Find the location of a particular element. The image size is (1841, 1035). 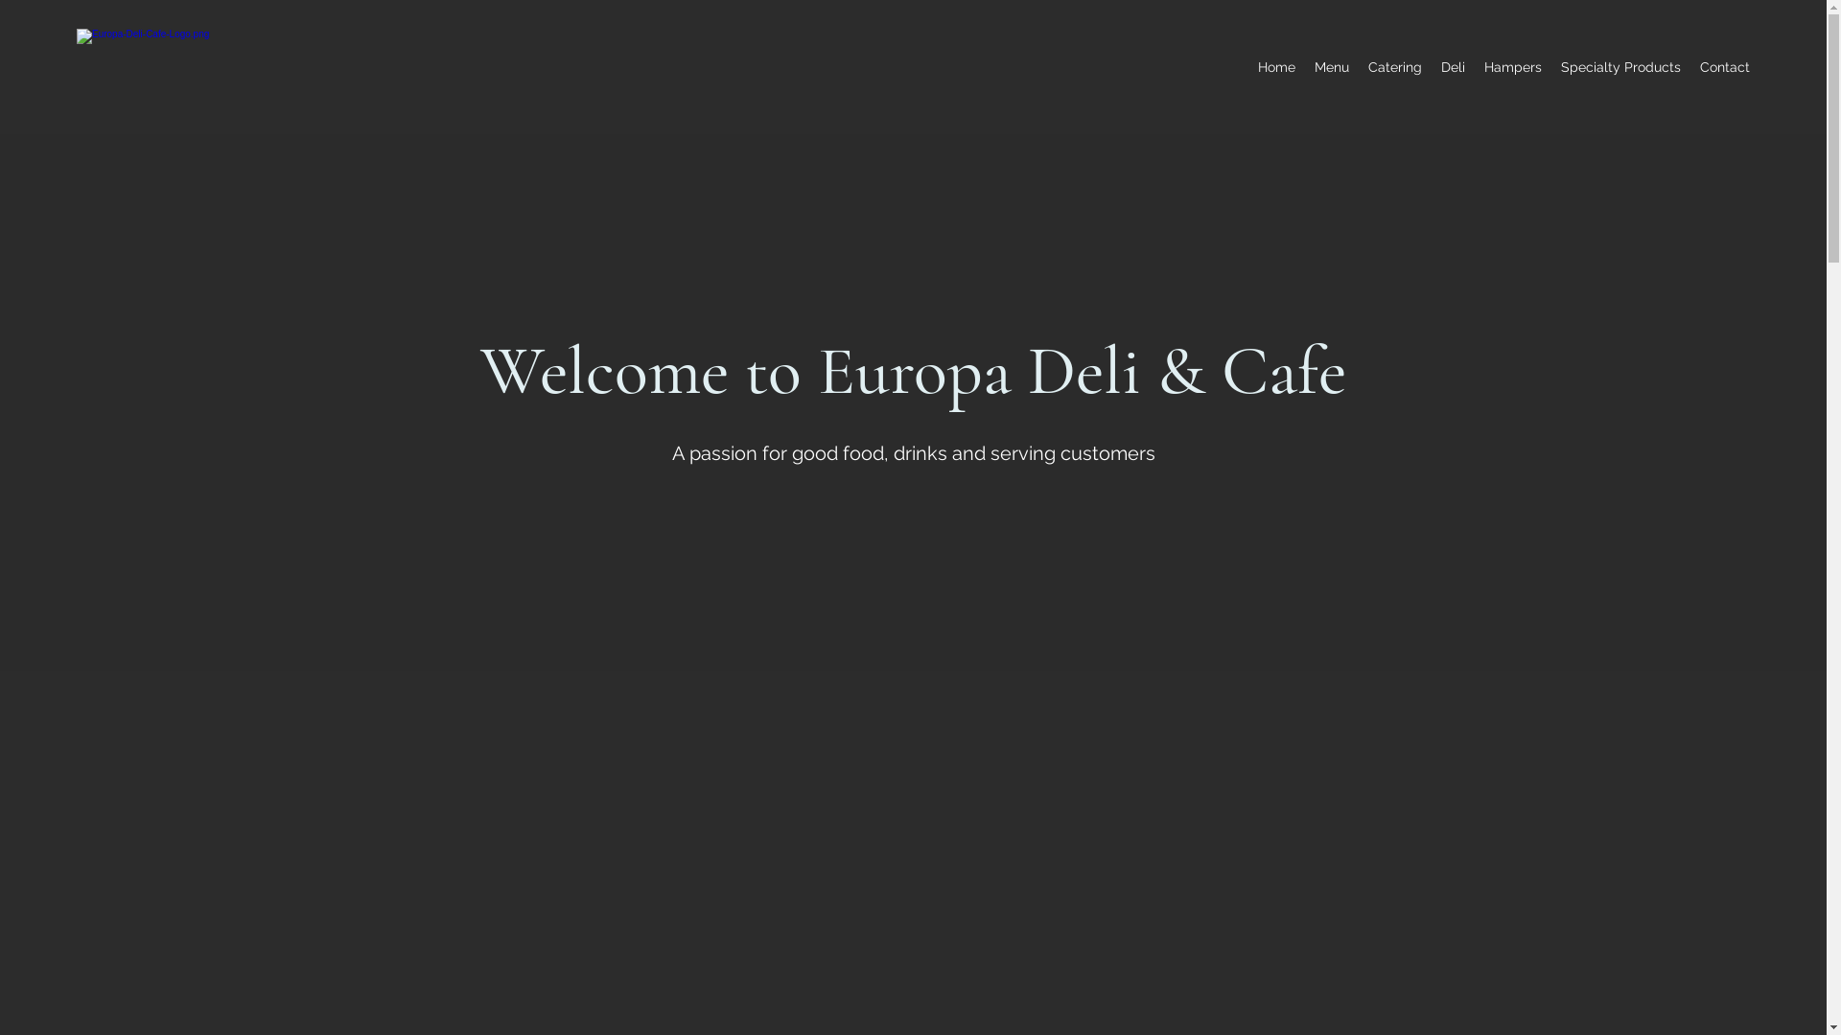

'Contact' is located at coordinates (1690, 65).